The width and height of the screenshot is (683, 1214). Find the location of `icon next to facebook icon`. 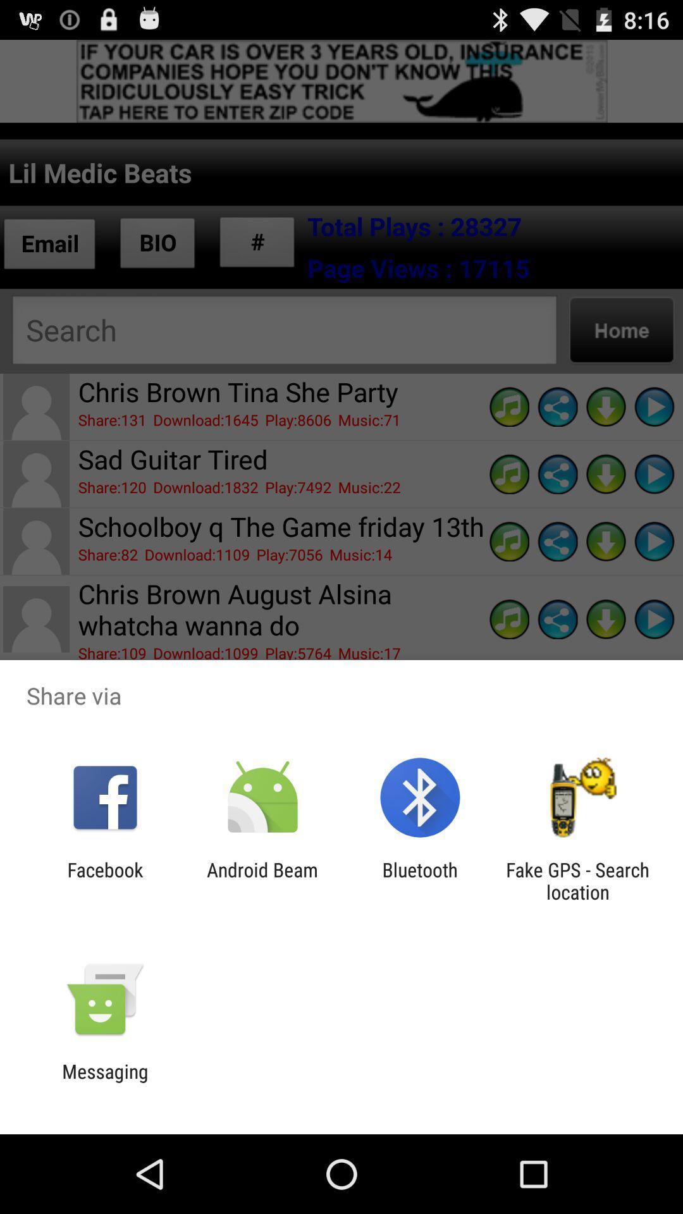

icon next to facebook icon is located at coordinates (262, 880).